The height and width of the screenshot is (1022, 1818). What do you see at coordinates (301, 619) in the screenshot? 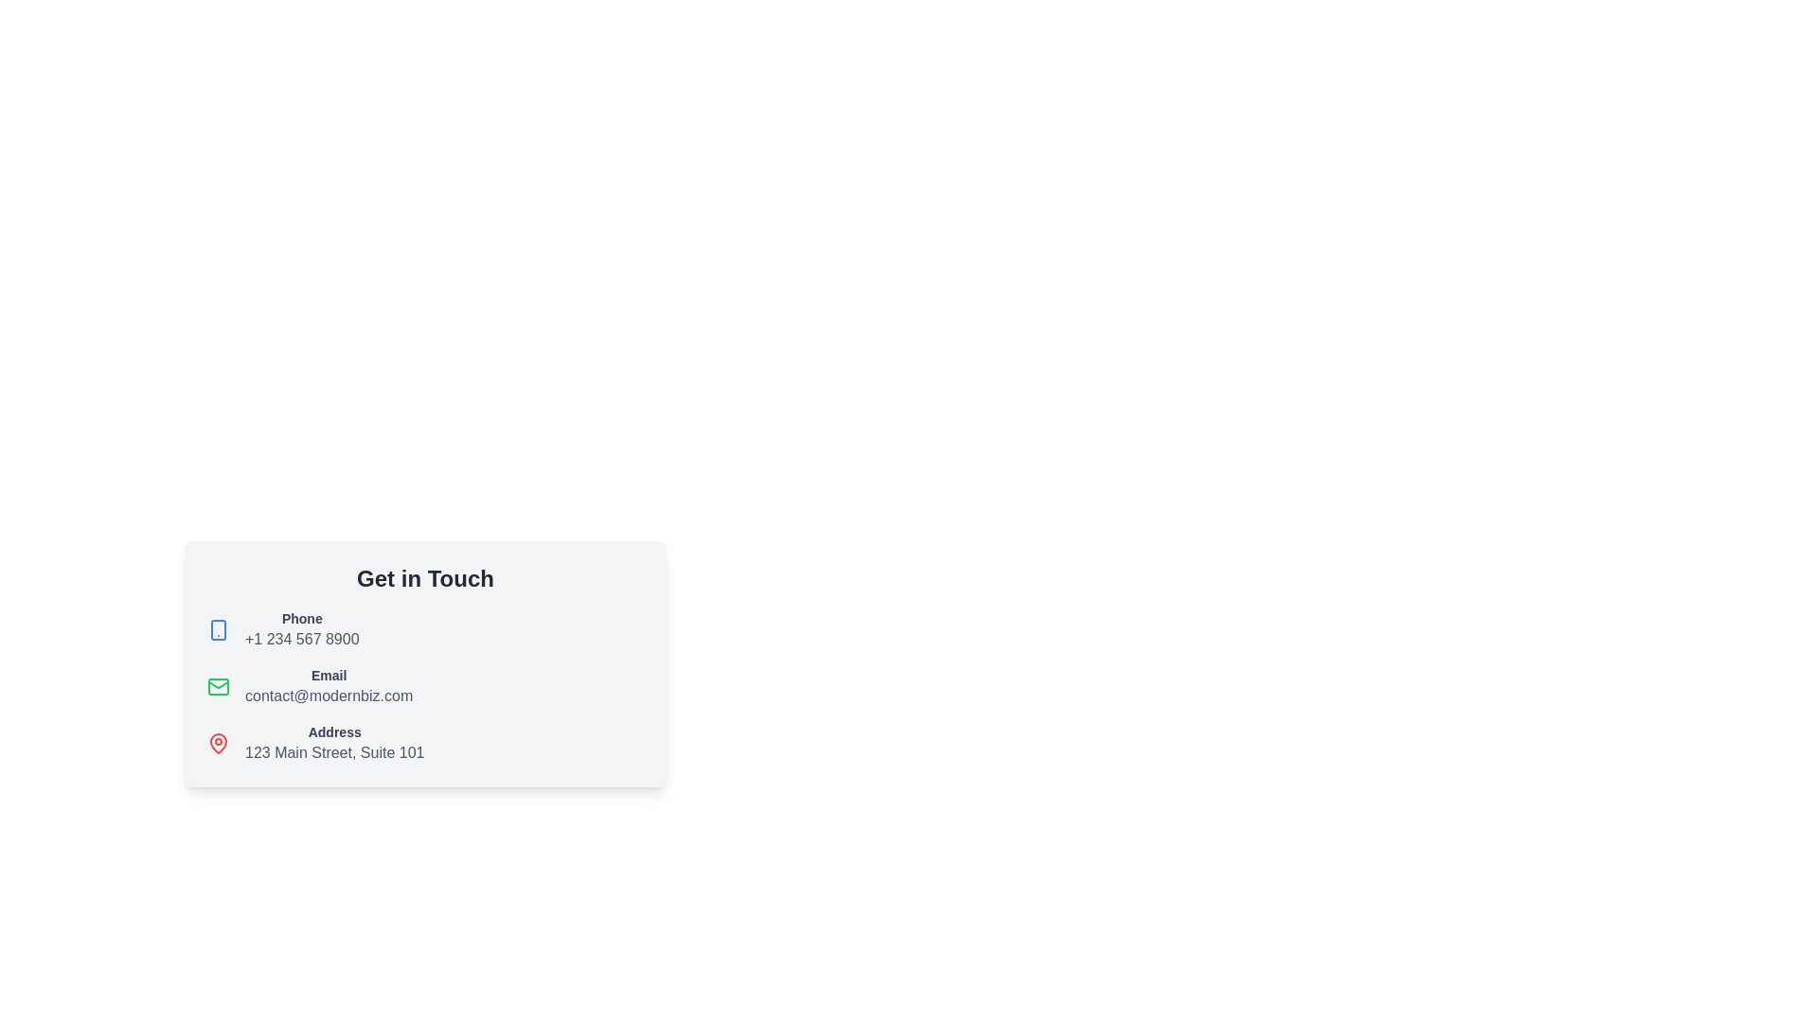
I see `the 'Phone' text label, which is bold and located at the top of the contact information section, next to a phone icon` at bounding box center [301, 619].